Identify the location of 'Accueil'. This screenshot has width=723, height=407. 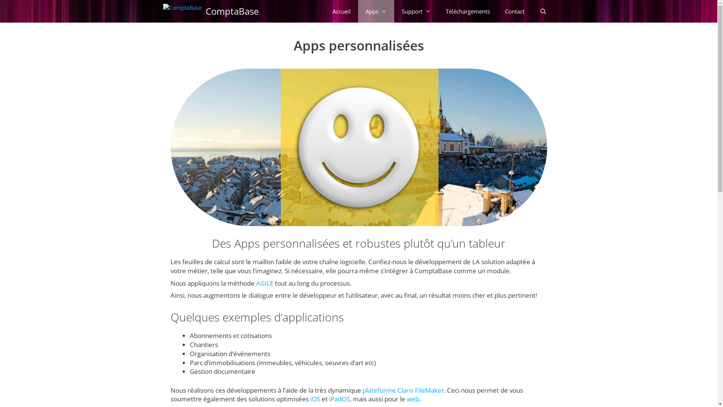
(341, 11).